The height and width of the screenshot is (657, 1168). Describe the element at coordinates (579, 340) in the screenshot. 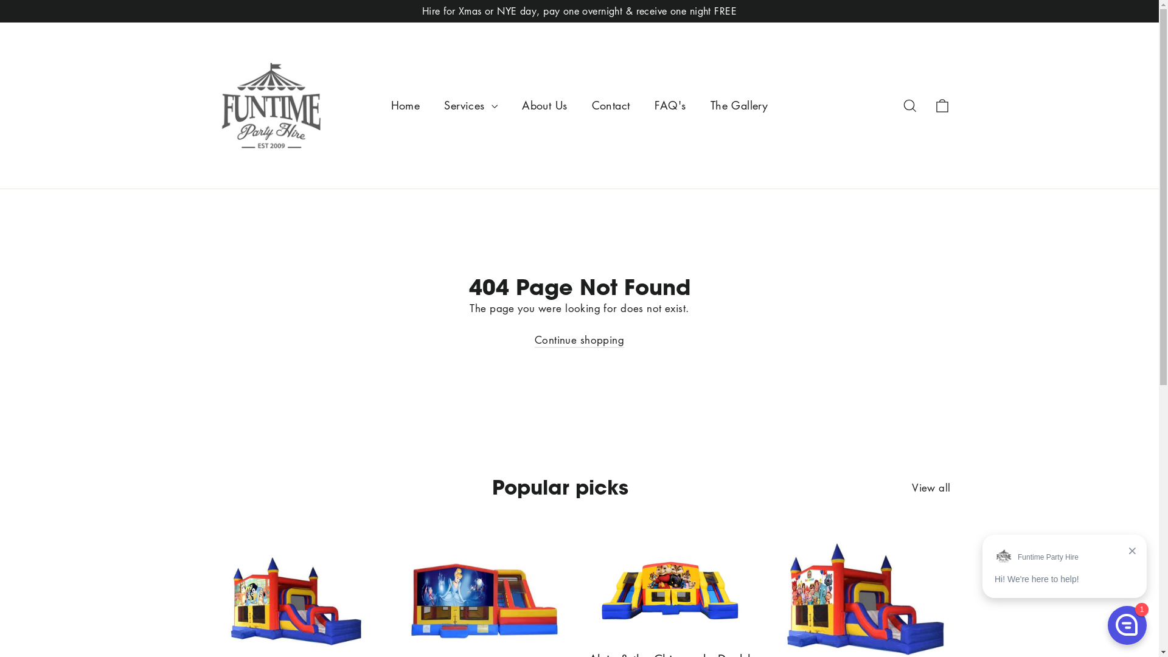

I see `'Continue shopping'` at that location.